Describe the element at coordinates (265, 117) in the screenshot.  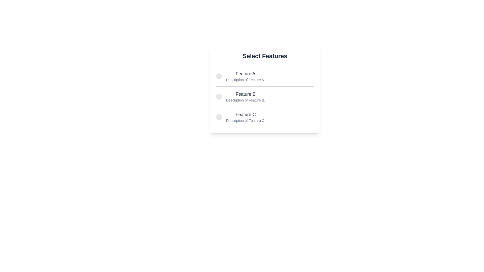
I see `the third item in the 'Select Features' list` at that location.